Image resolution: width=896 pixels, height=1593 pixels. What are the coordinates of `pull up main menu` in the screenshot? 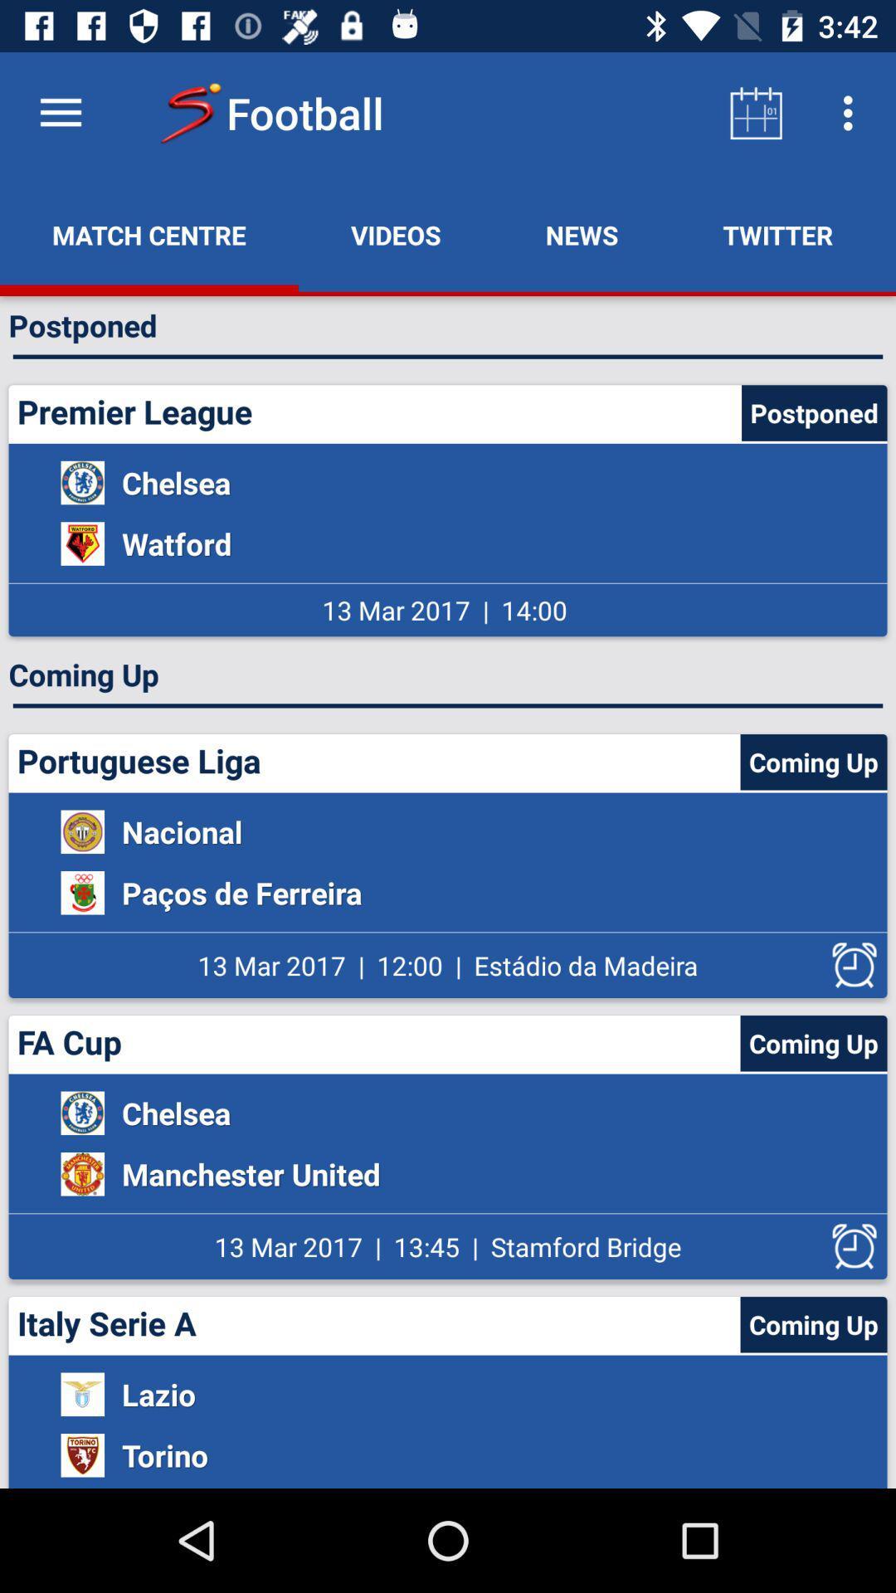 It's located at (60, 112).